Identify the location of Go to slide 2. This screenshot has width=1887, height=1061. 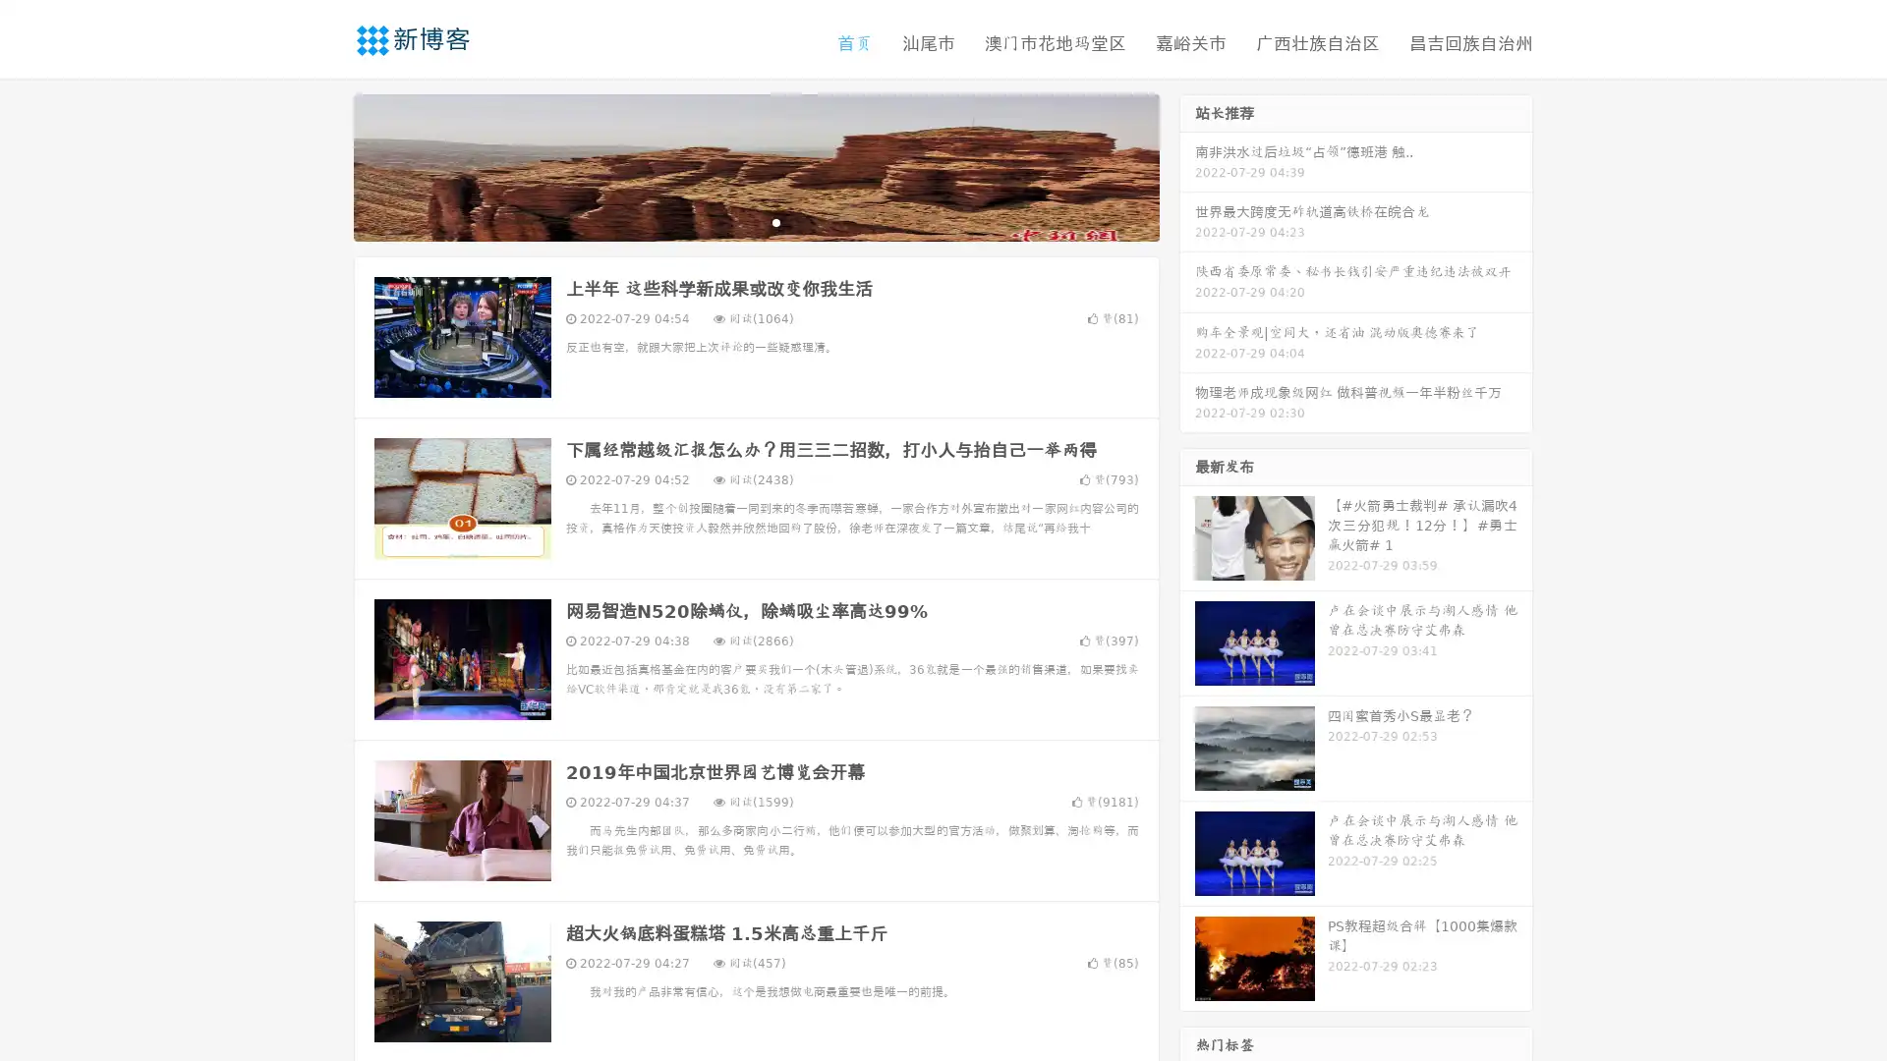
(755, 221).